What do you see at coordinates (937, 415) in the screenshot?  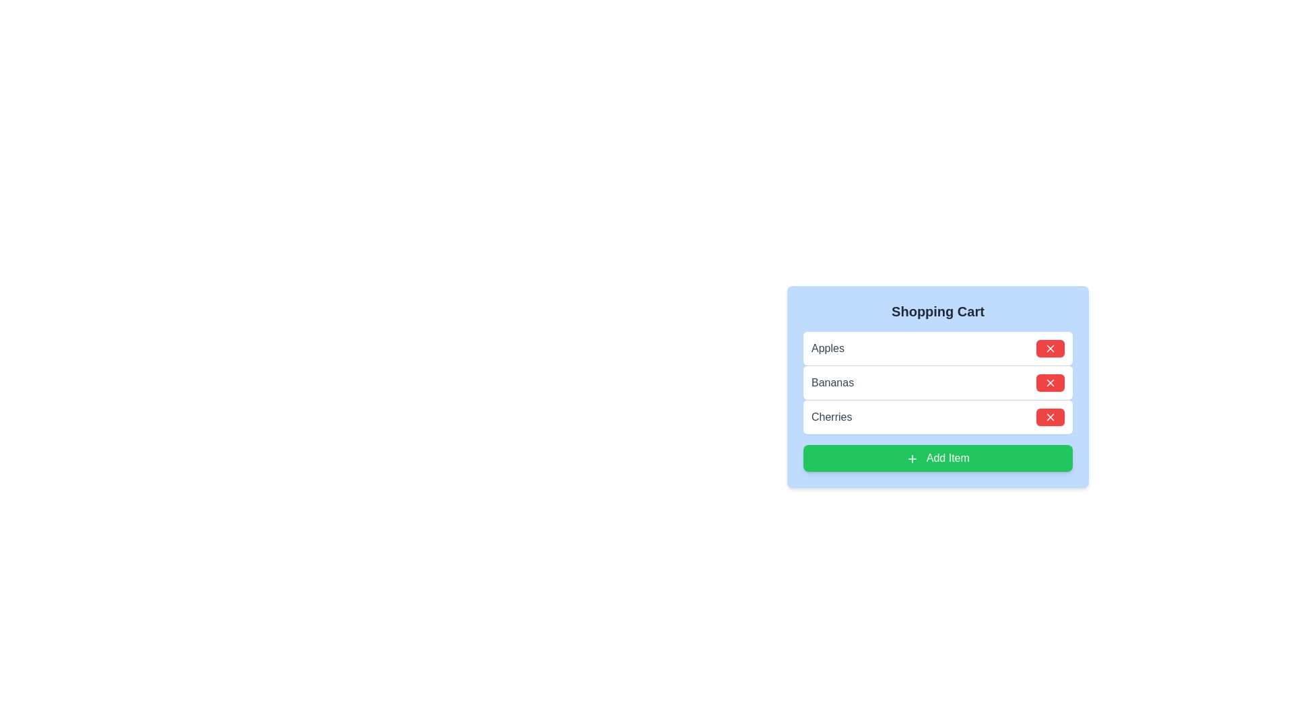 I see `the third item in the shopping cart list, which includes an item name and a red button for removal` at bounding box center [937, 415].